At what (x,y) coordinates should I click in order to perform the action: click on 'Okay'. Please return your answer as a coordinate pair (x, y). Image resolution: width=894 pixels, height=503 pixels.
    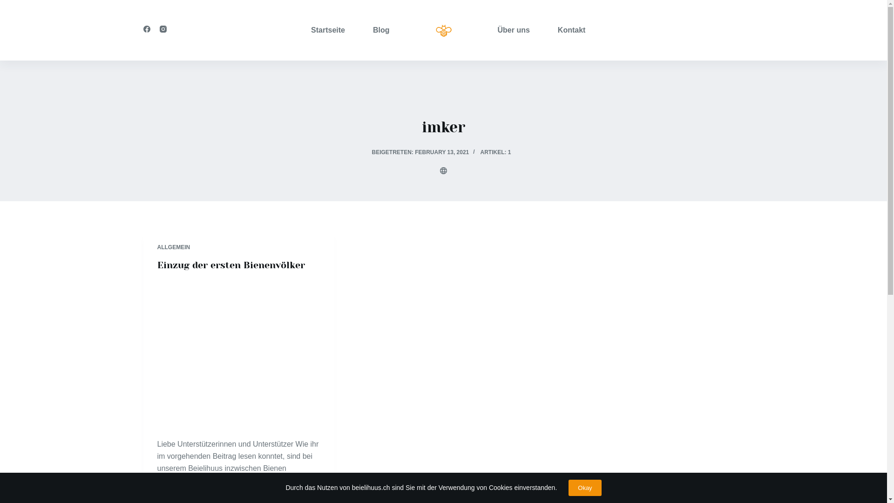
    Looking at the image, I should click on (584, 487).